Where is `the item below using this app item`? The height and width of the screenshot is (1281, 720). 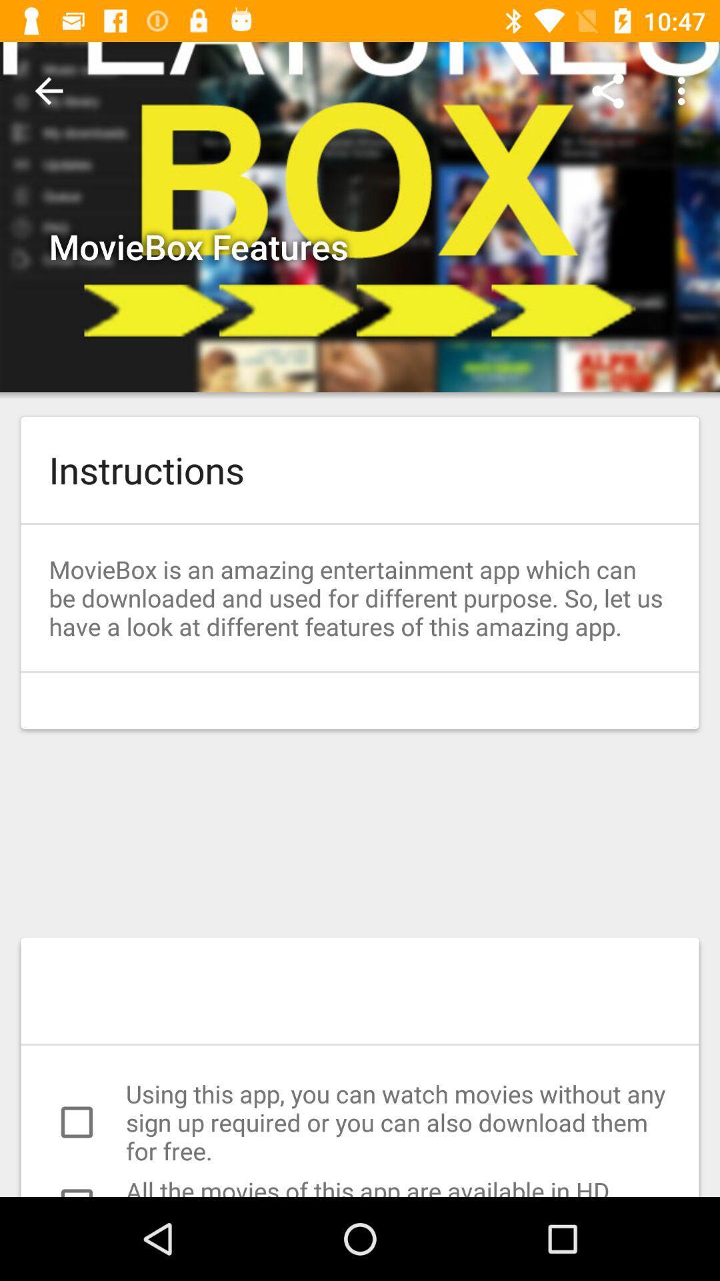
the item below using this app item is located at coordinates (360, 1186).